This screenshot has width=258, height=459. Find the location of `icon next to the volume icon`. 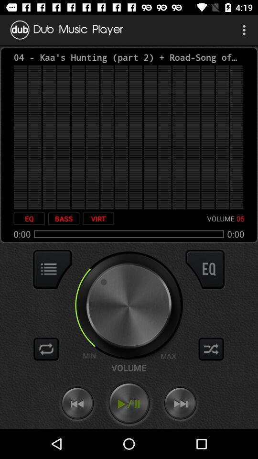

icon next to the volume icon is located at coordinates (98, 219).